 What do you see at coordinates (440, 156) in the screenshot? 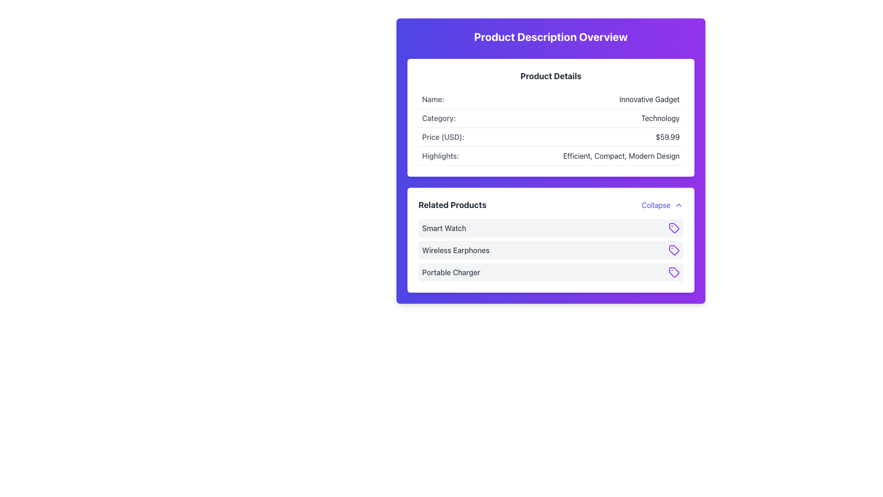
I see `the Label displaying 'Highlights:' in gray color, located in the 'Product Details' section above the description text 'Efficient, Compact, Modern Design'` at bounding box center [440, 156].